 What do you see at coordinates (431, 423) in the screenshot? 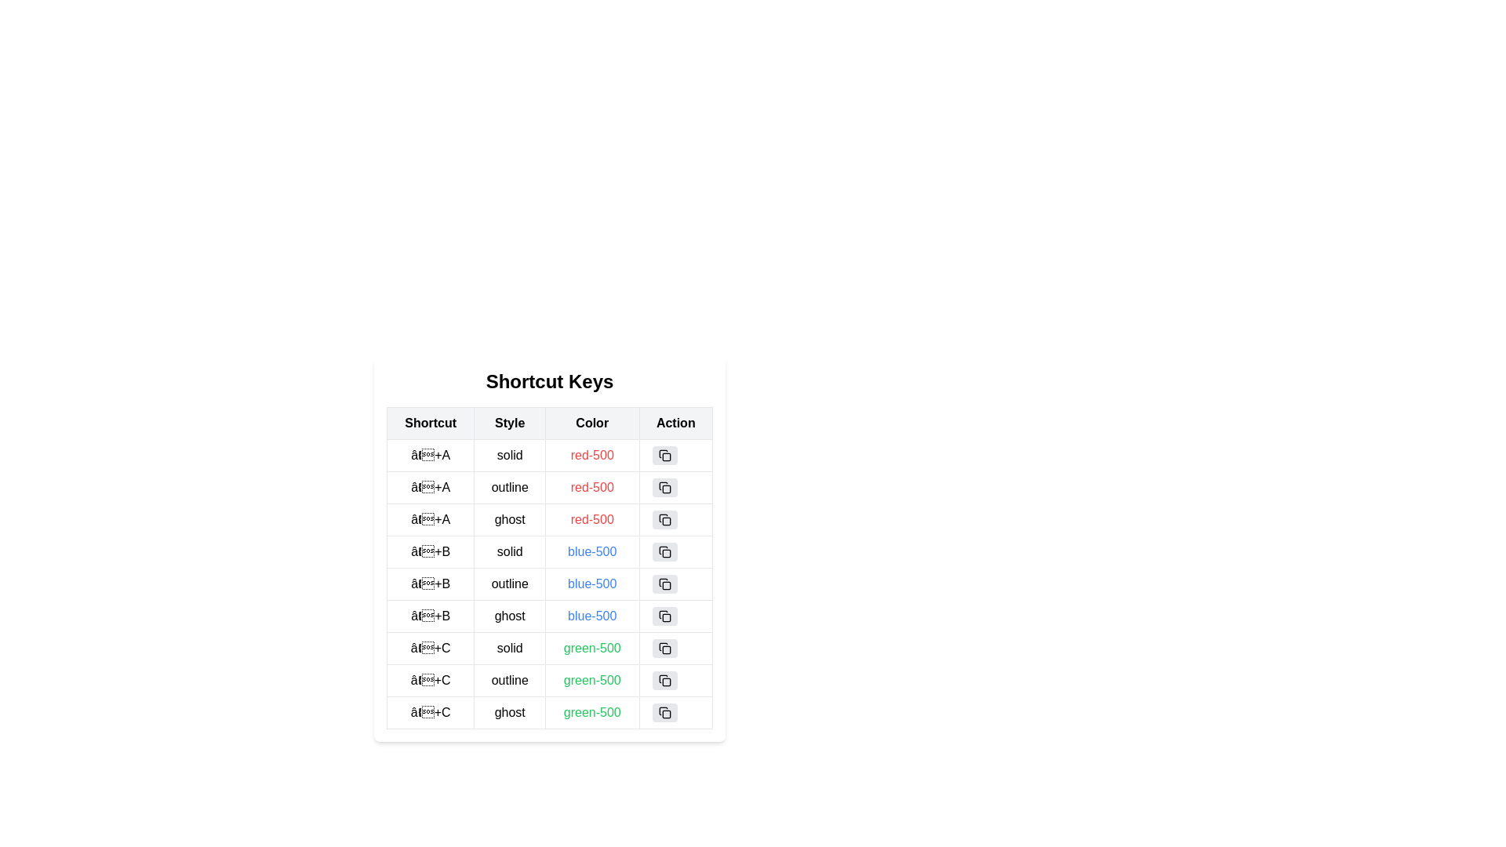
I see `the first table header cell that indicates the column contains data related to shortcuts` at bounding box center [431, 423].